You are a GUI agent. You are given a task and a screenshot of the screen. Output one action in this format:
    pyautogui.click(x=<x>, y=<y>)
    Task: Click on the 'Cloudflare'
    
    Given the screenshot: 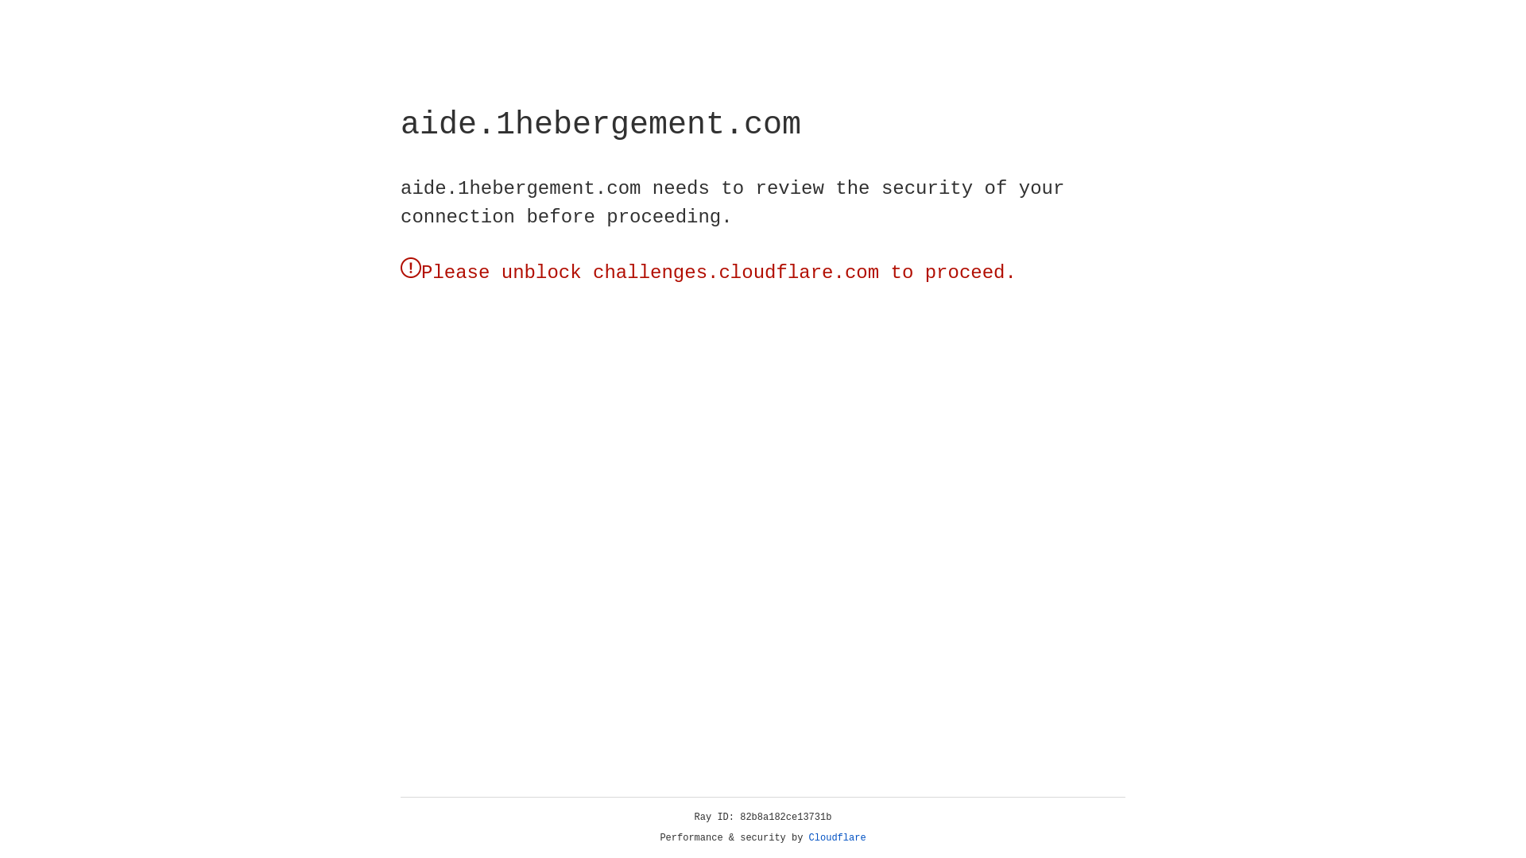 What is the action you would take?
    pyautogui.click(x=837, y=837)
    